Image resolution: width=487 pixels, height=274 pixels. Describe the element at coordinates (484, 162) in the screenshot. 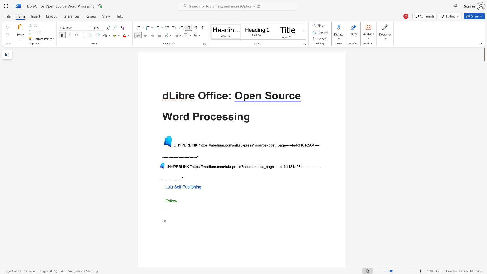

I see `the right-hand scrollbar to descend the page` at that location.